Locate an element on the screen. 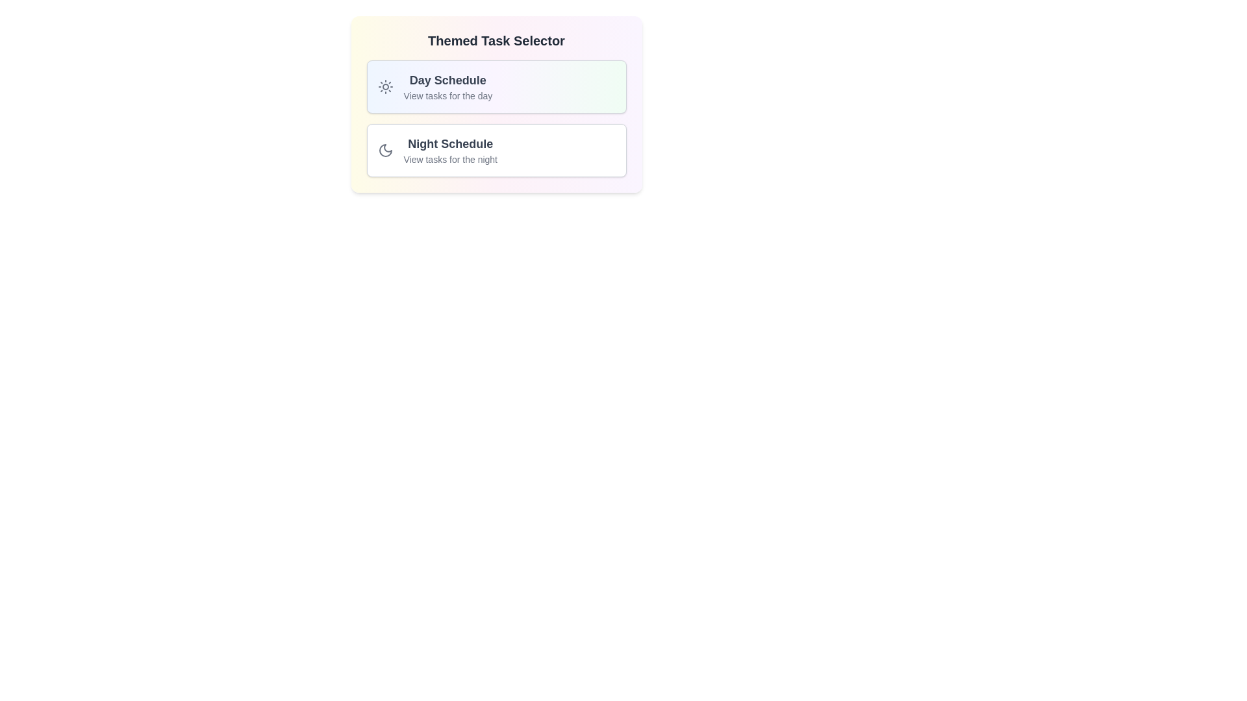  the item Night Schedule to observe the visual effect is located at coordinates (496, 149).